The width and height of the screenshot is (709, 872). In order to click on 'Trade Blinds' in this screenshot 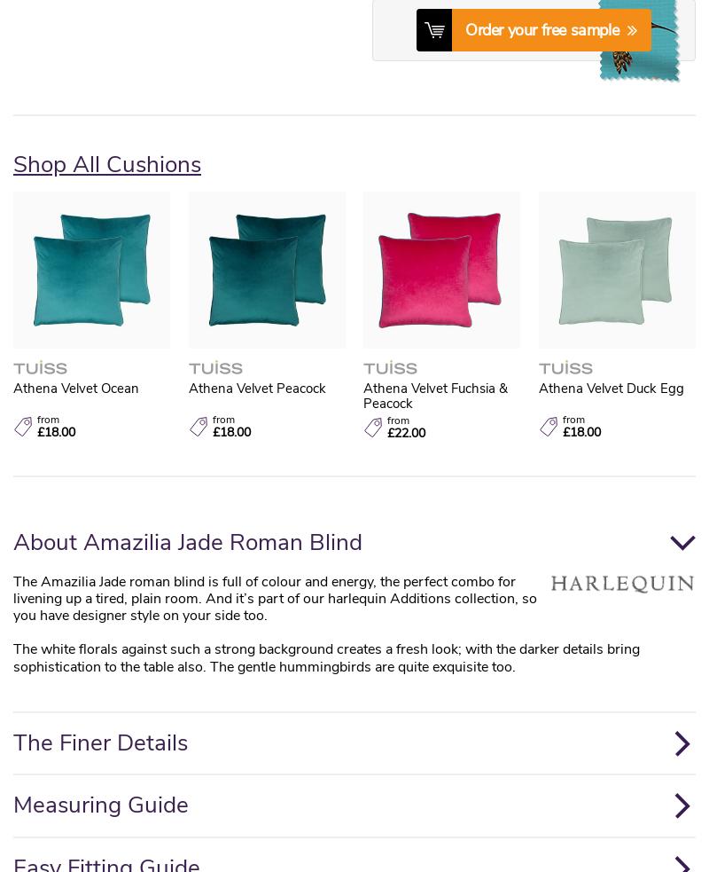, I will do `click(183, 319)`.